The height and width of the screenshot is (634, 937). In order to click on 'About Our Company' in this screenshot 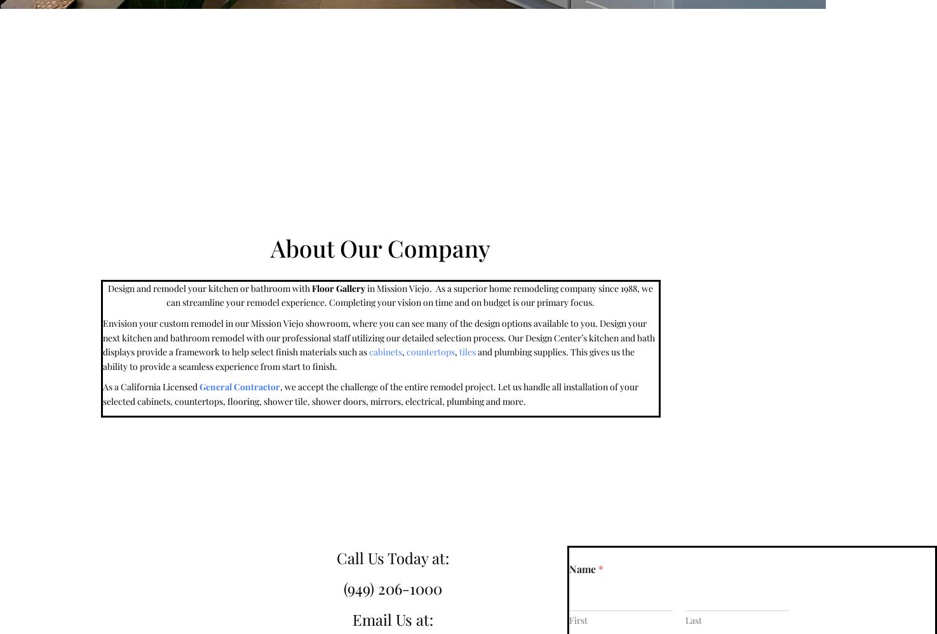, I will do `click(379, 246)`.